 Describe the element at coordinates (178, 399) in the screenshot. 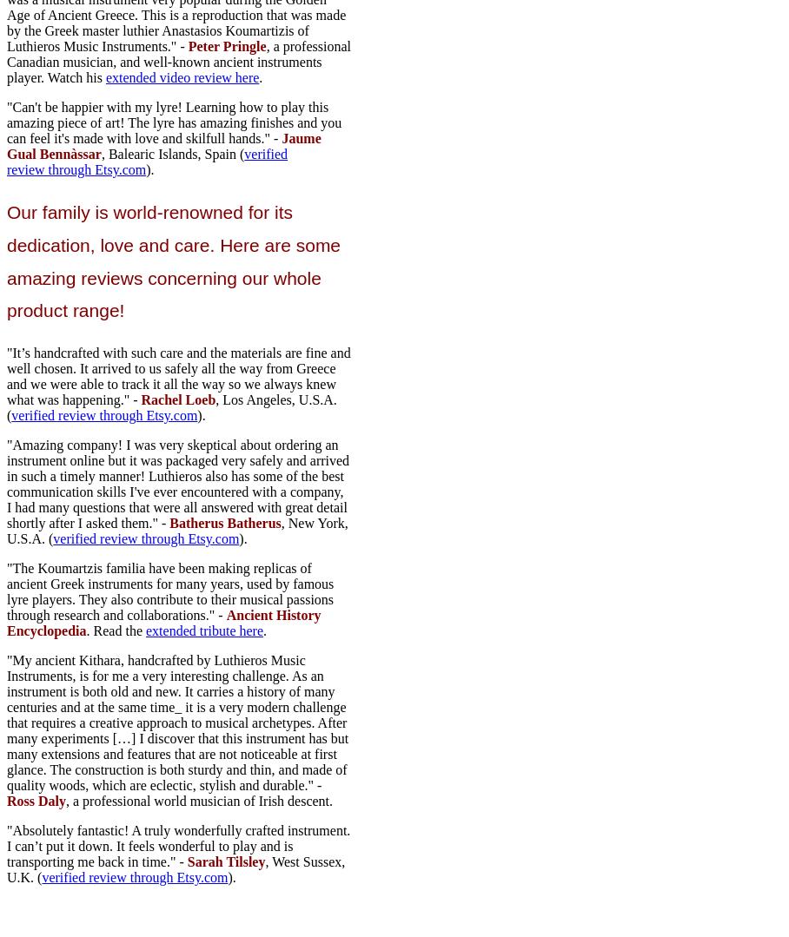

I see `'Rachel Loeb'` at that location.